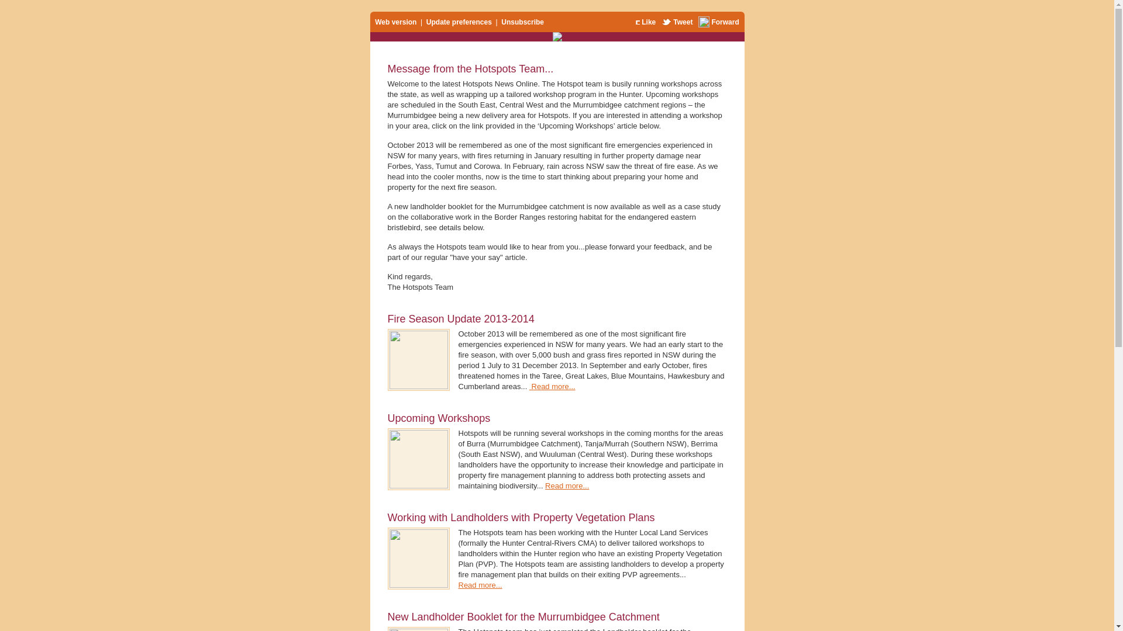 This screenshot has width=1123, height=631. I want to click on 'Fire Season Update 2013-2014', so click(387, 319).